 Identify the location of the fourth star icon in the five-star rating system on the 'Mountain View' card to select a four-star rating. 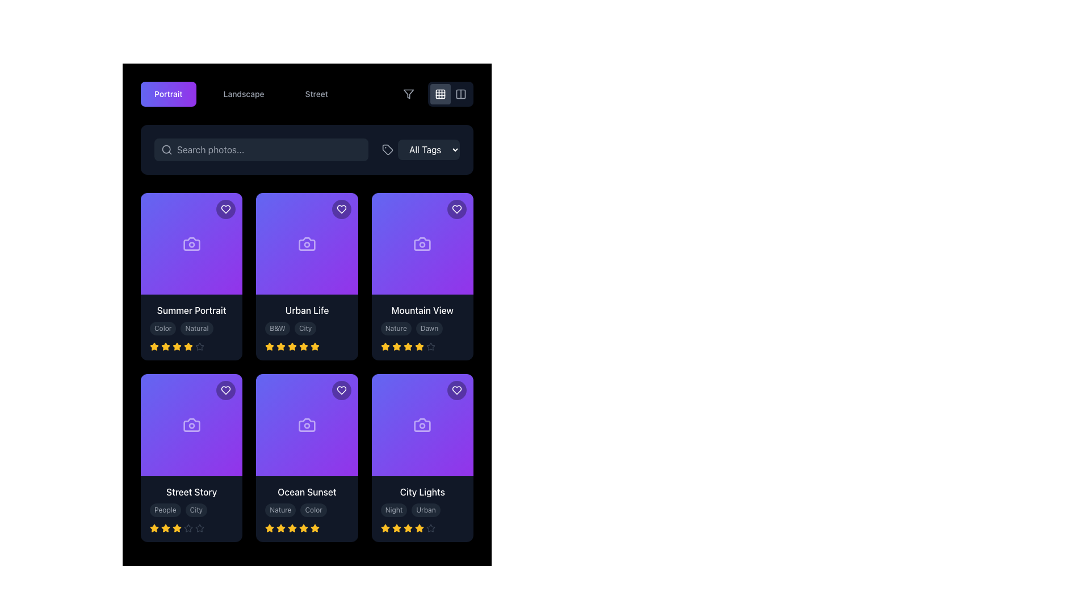
(396, 346).